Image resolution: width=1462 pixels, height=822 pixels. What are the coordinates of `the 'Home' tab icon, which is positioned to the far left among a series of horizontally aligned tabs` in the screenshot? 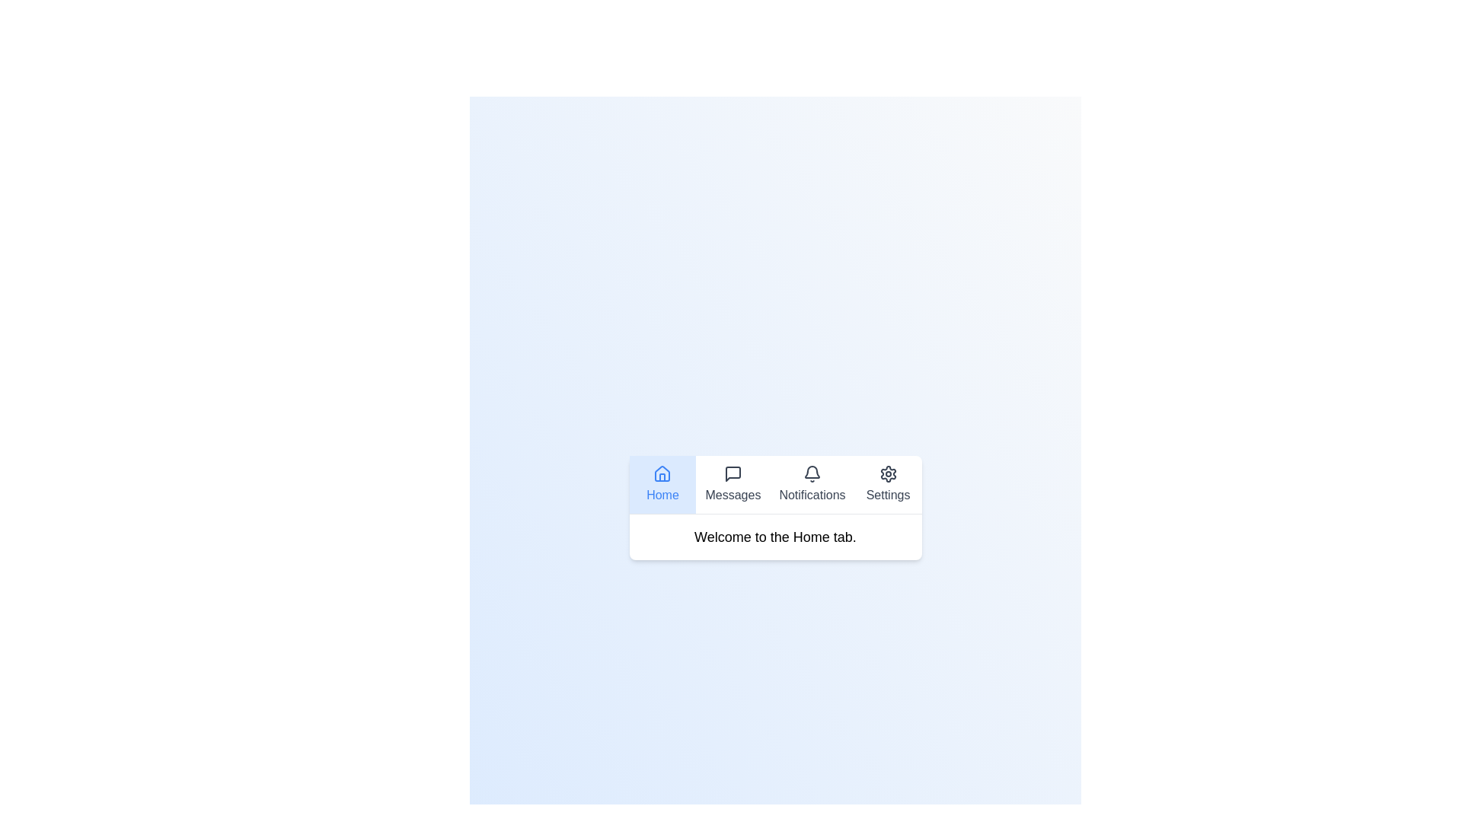 It's located at (662, 473).